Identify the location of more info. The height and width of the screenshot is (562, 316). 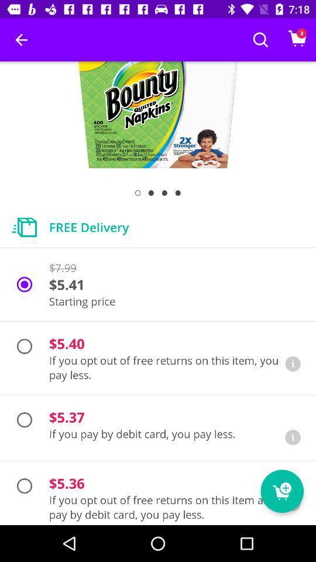
(292, 437).